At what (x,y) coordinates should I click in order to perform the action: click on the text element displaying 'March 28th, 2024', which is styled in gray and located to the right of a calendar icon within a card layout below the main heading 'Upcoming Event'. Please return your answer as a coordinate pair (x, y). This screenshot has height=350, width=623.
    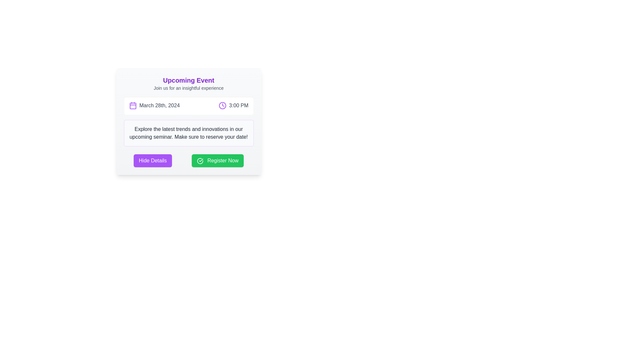
    Looking at the image, I should click on (159, 105).